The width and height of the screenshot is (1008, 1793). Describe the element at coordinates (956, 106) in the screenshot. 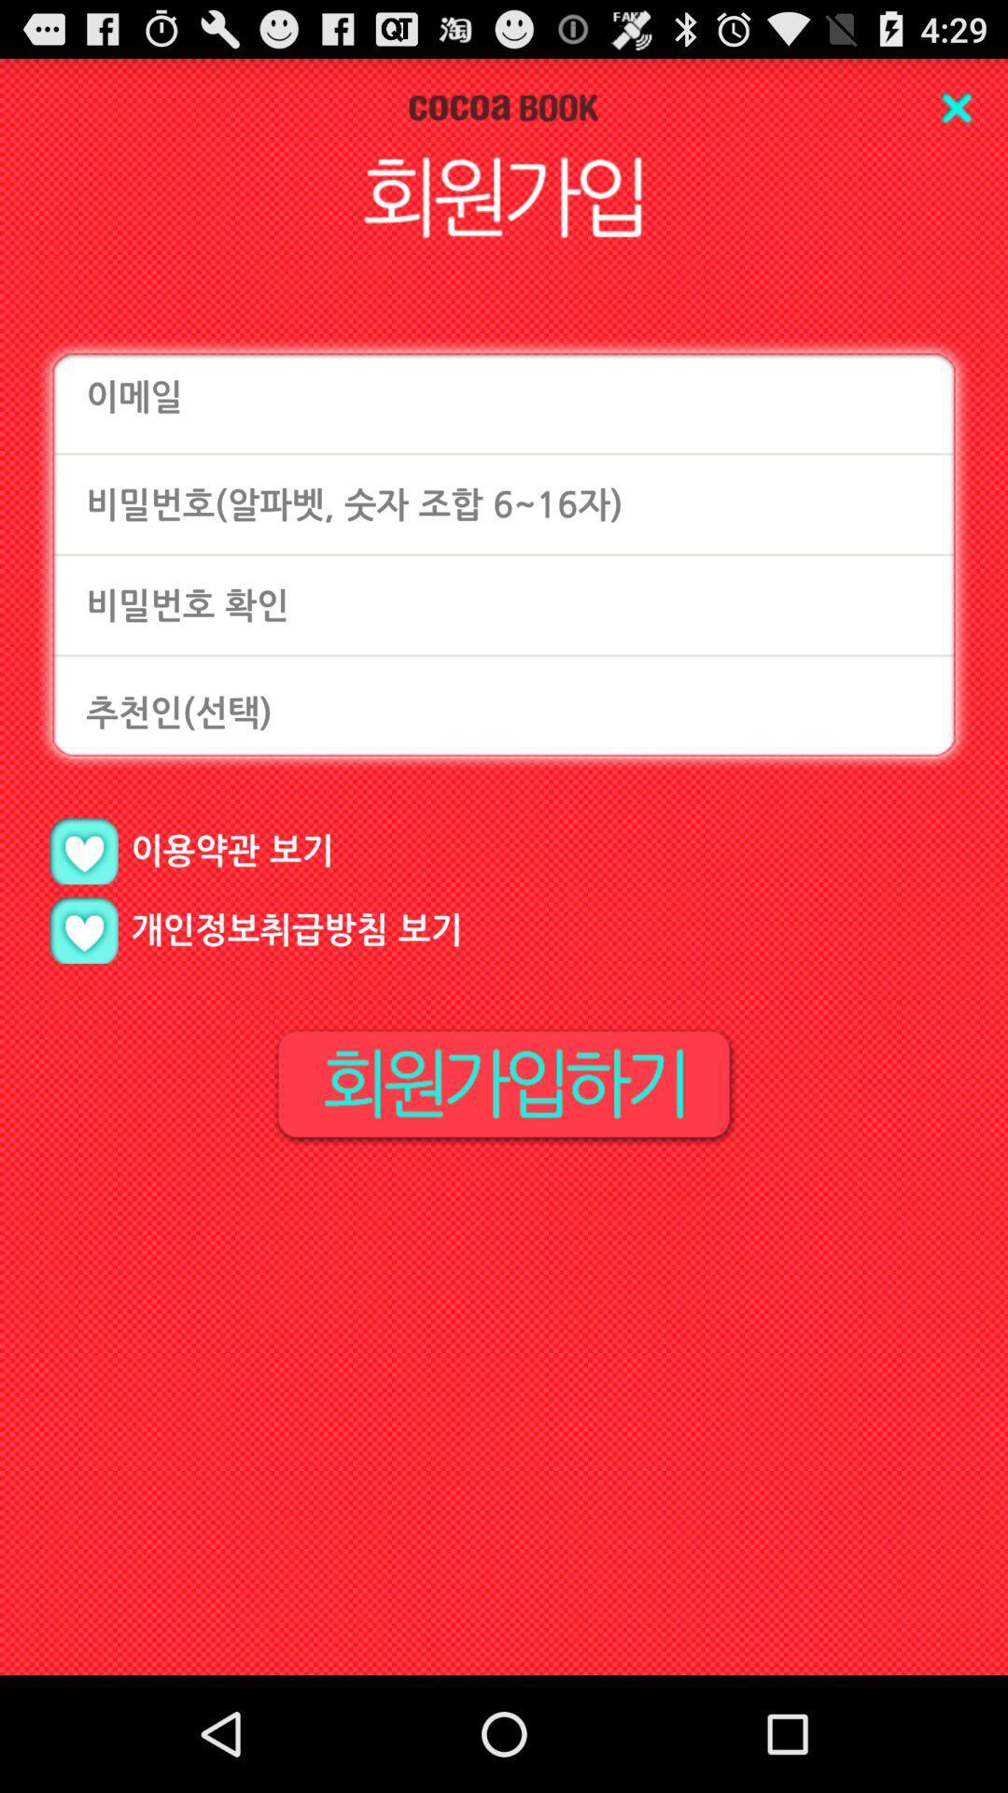

I see `exit page` at that location.